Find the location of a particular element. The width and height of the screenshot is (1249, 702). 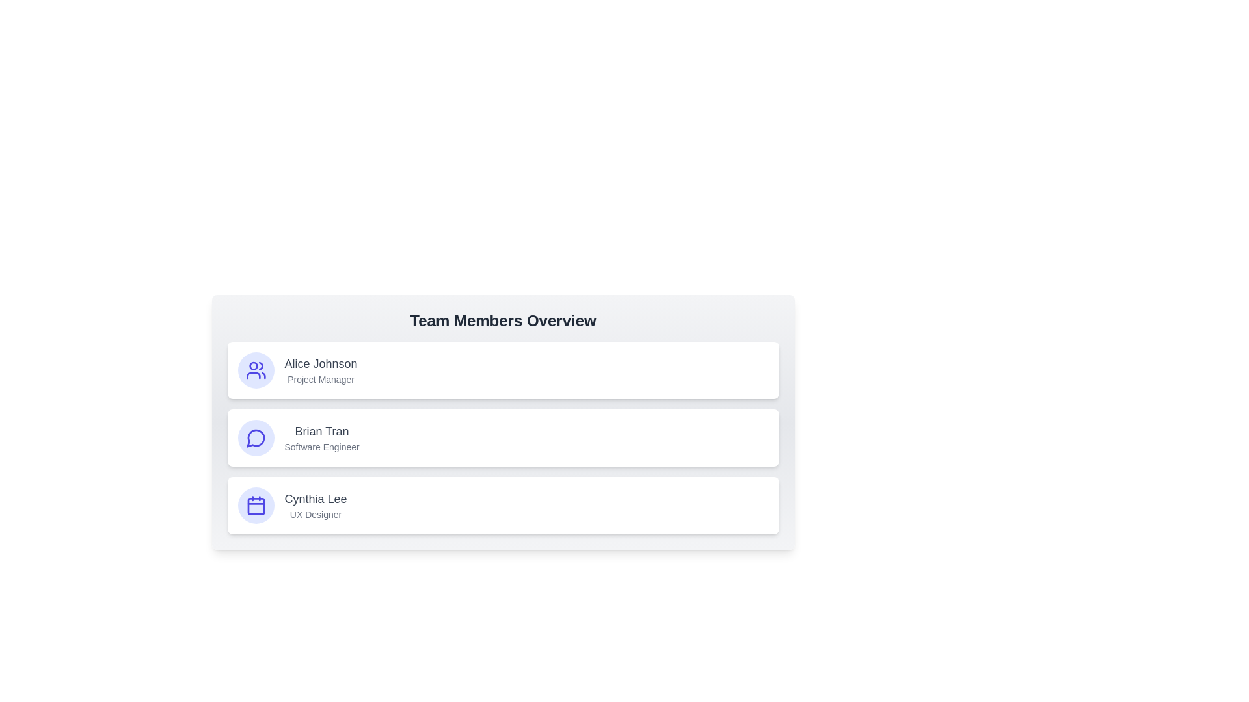

the card of the team member Cynthia Lee is located at coordinates (502, 505).